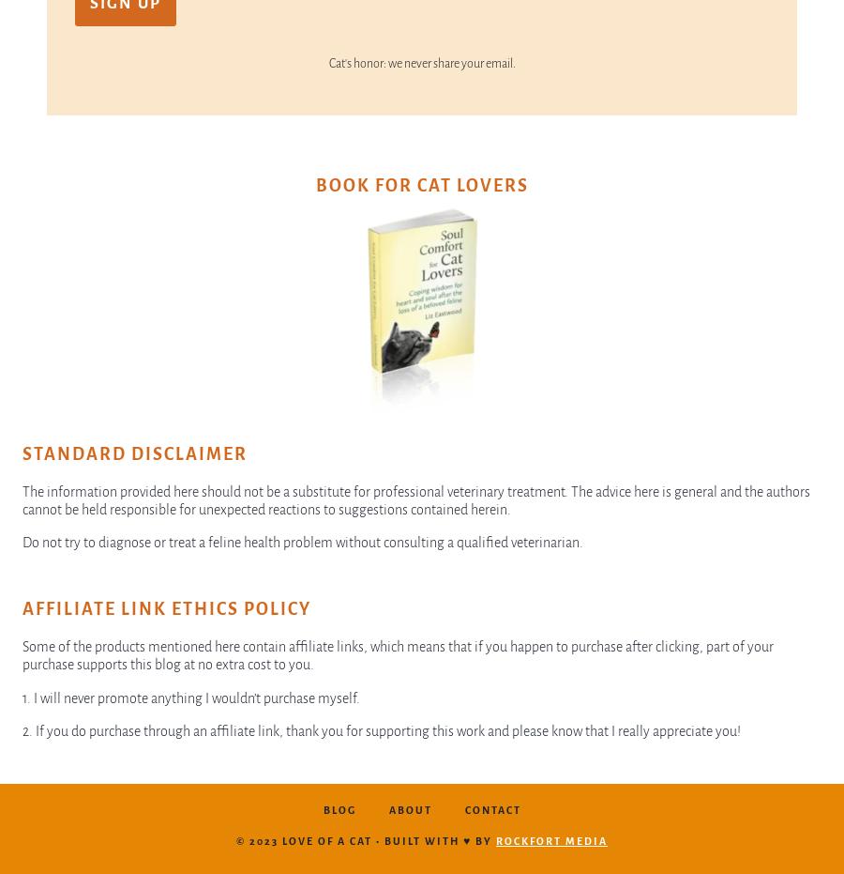 This screenshot has height=874, width=844. Describe the element at coordinates (398, 654) in the screenshot. I see `'Some of the products mentioned here contain affiliate links, which means that if you happen to purchase after clicking, part of your purchase supports this blog at no extra cost to you.'` at that location.